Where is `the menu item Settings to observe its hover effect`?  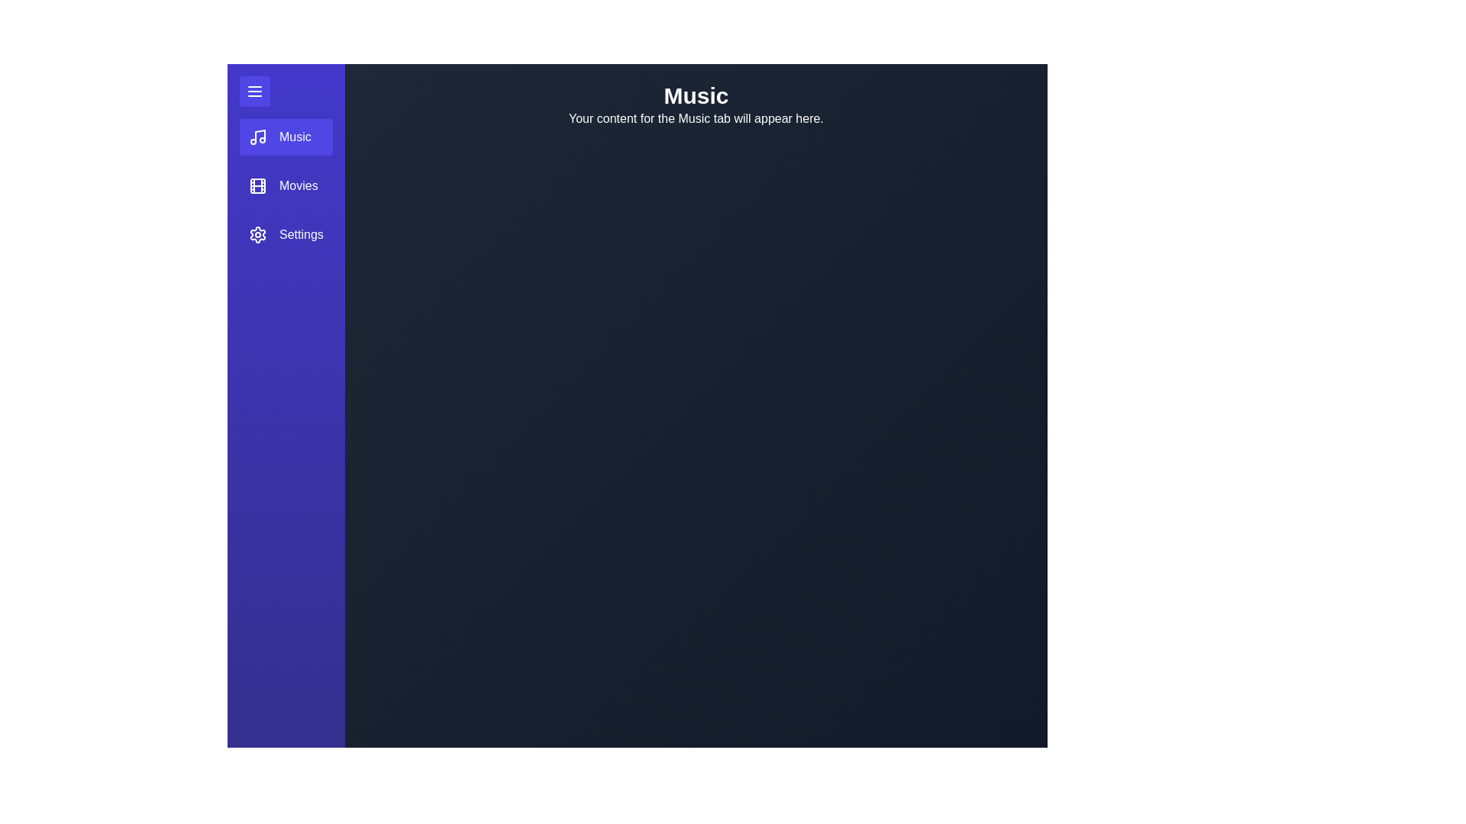 the menu item Settings to observe its hover effect is located at coordinates (286, 235).